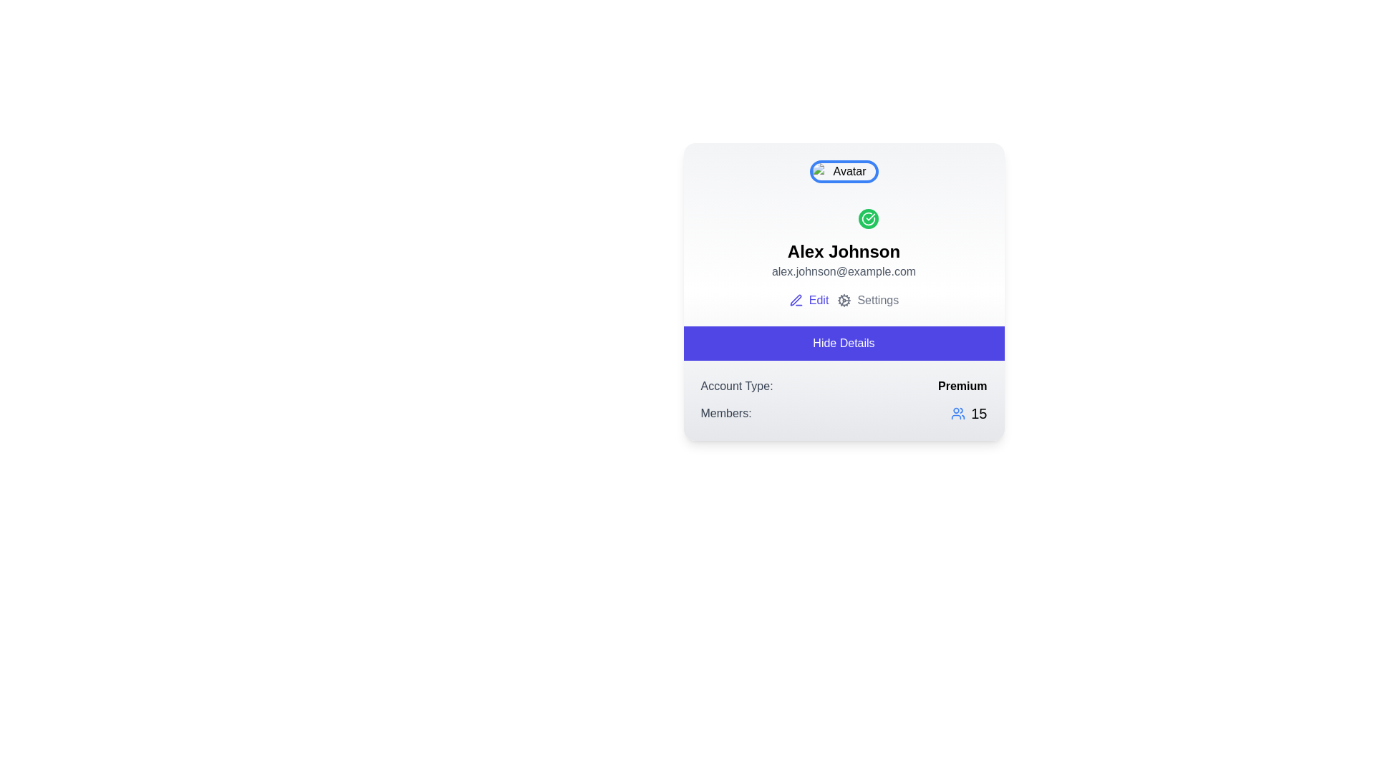 This screenshot has height=773, width=1375. What do you see at coordinates (795, 300) in the screenshot?
I see `the SVG Icon representing the editing action associated with the 'Edit' link, located to the left of the 'Edit' label` at bounding box center [795, 300].